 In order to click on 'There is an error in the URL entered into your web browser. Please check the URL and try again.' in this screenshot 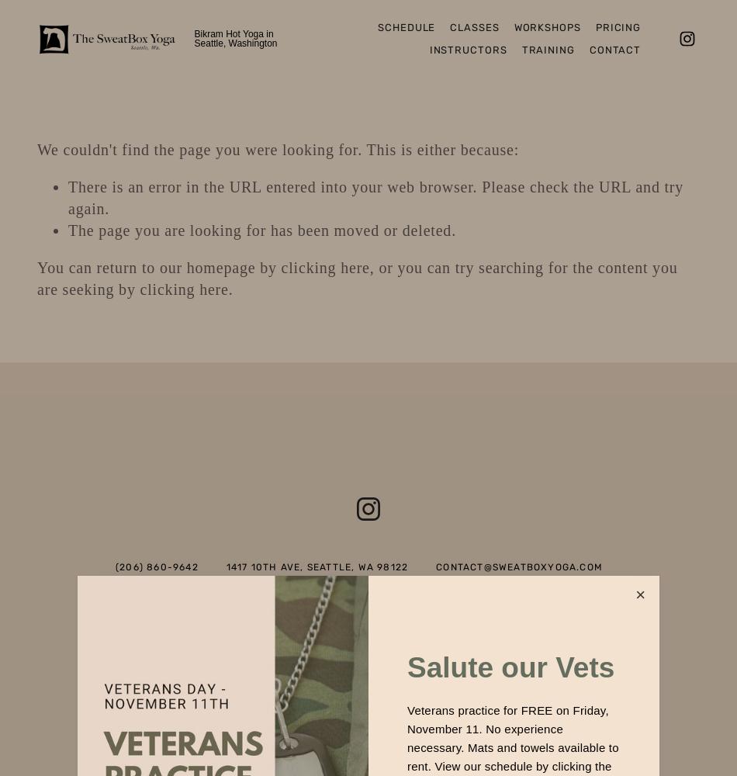, I will do `click(375, 198)`.